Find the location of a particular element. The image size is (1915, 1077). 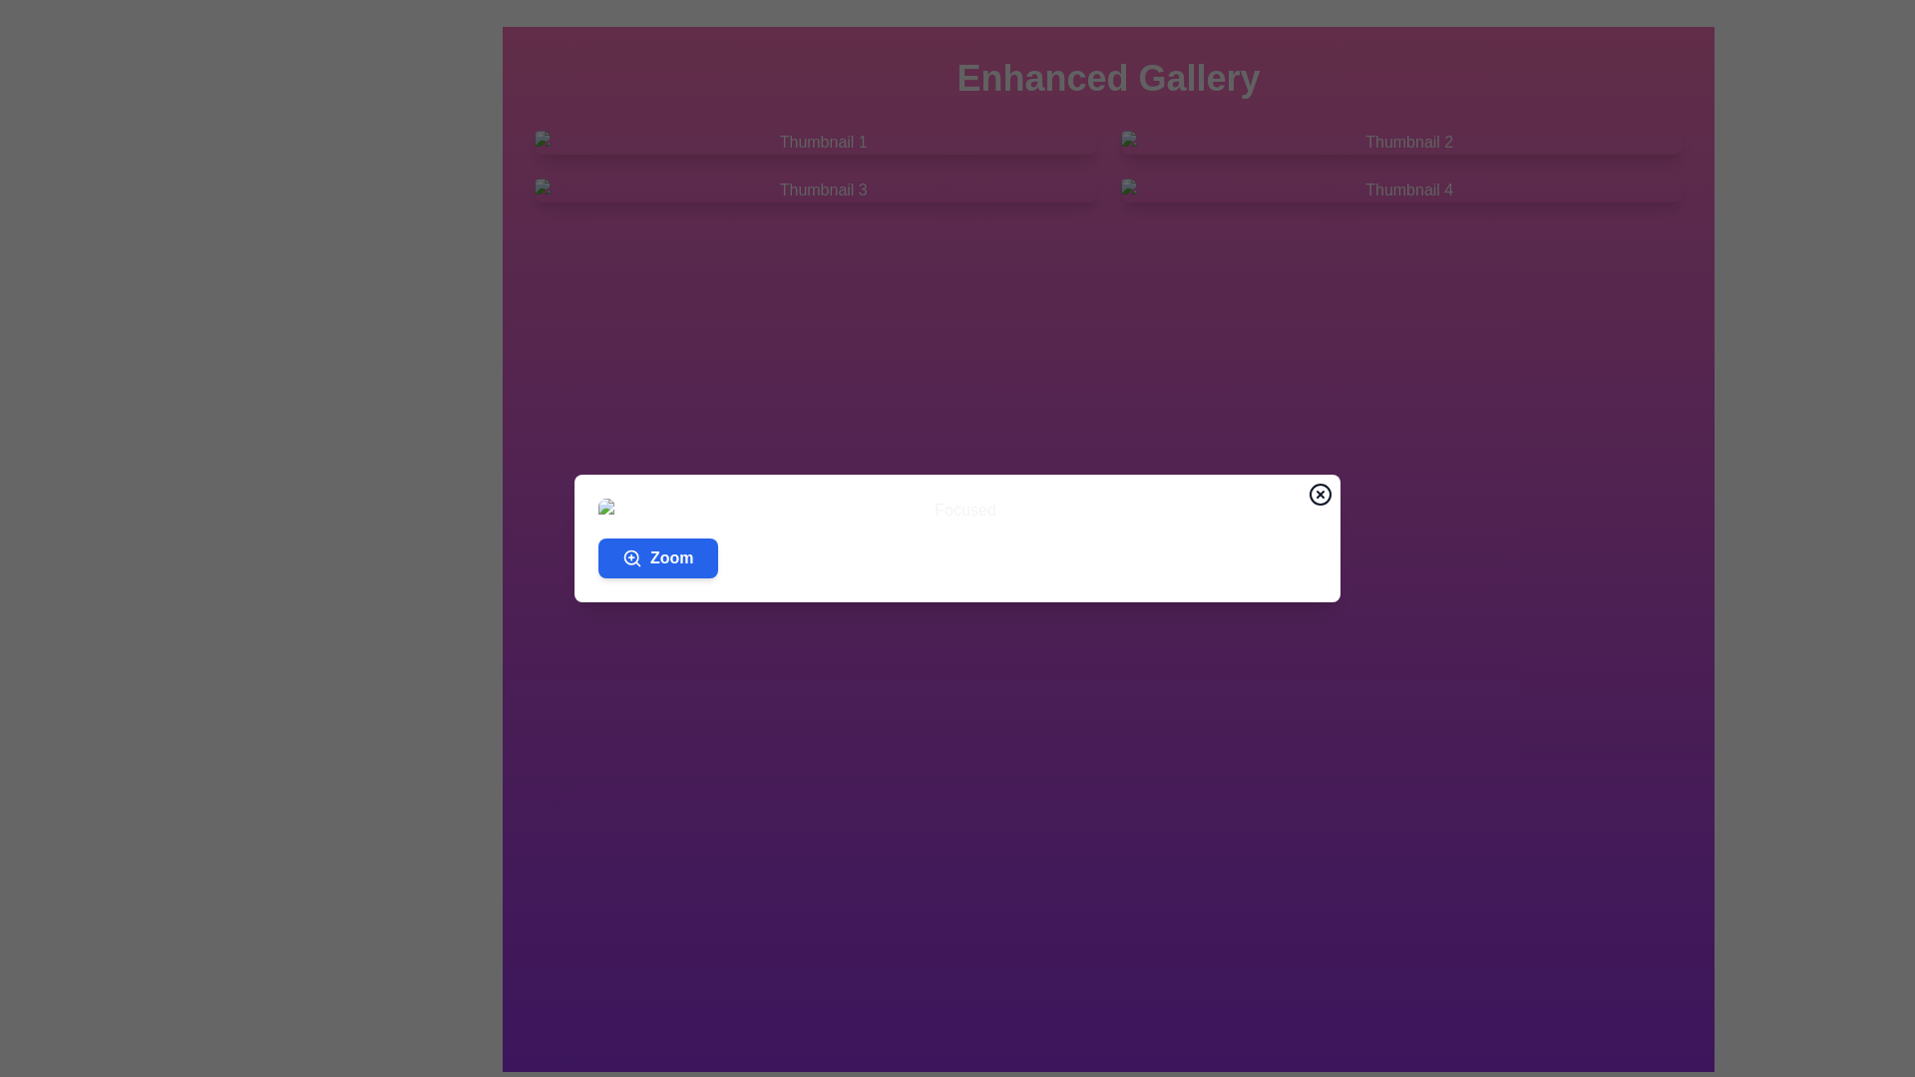

the second thumbnail is located at coordinates (1400, 141).